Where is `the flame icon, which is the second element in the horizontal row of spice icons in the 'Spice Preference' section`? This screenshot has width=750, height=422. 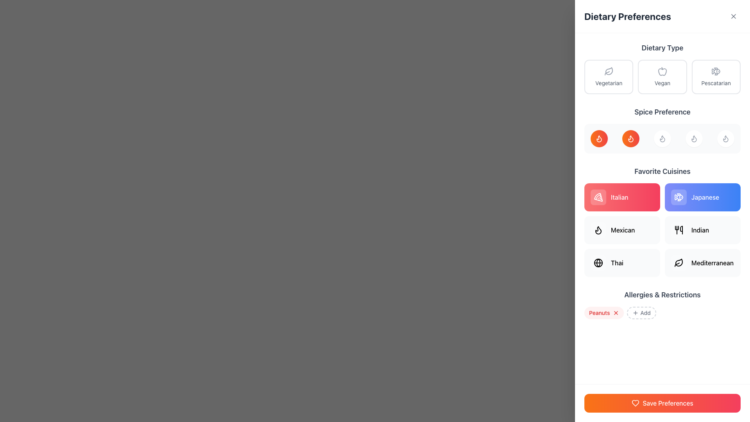
the flame icon, which is the second element in the horizontal row of spice icons in the 'Spice Preference' section is located at coordinates (598, 230).